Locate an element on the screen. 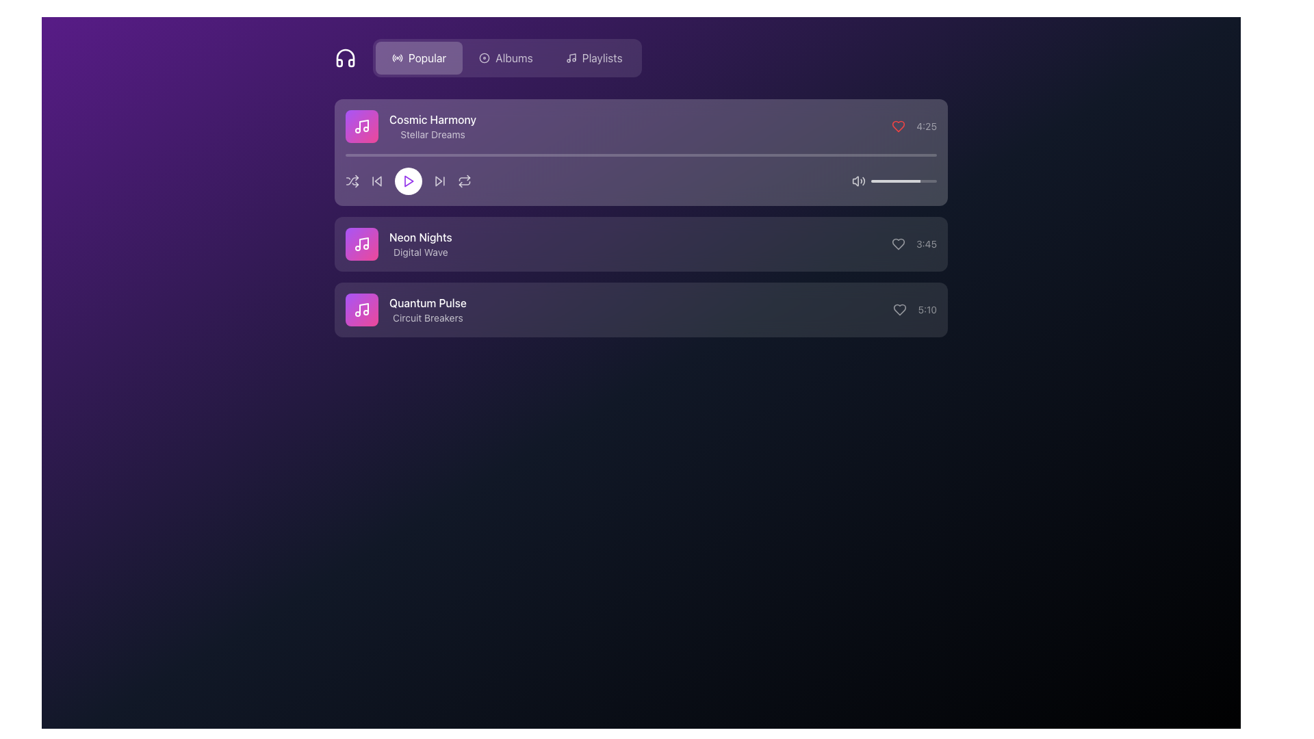  the musical note icon located to the left of song titles in the vertical track list of the music-related user interface is located at coordinates (364, 242).